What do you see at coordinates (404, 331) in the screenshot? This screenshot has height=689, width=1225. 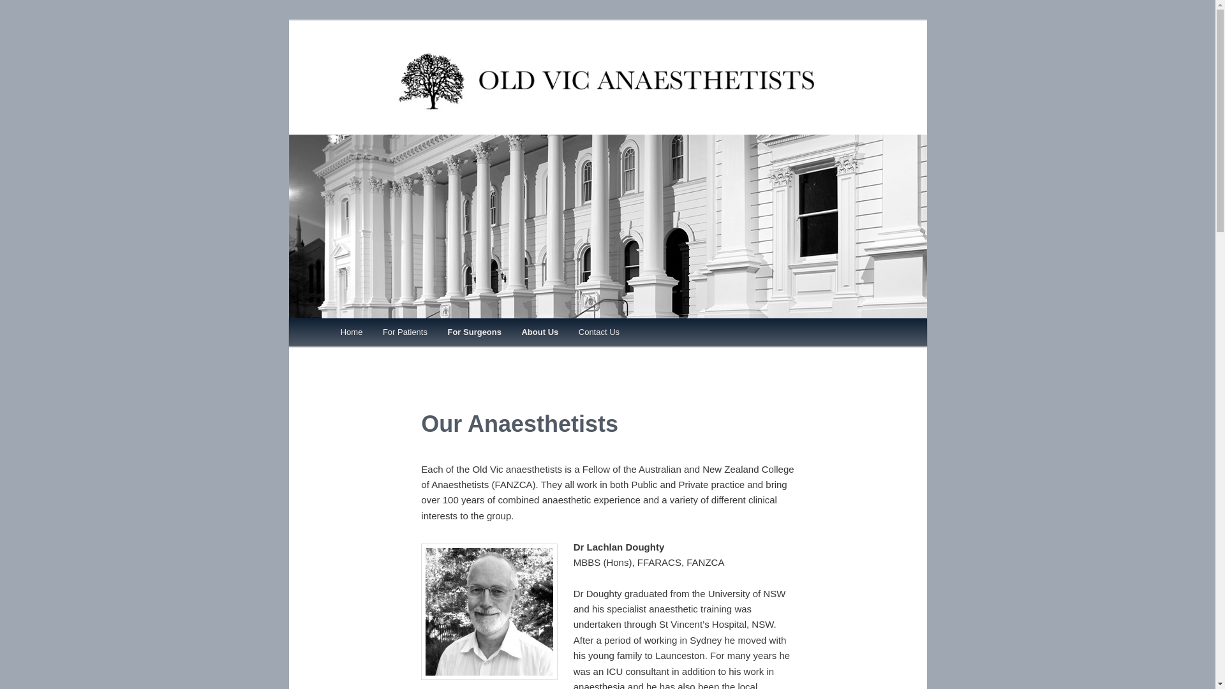 I see `'For Patients'` at bounding box center [404, 331].